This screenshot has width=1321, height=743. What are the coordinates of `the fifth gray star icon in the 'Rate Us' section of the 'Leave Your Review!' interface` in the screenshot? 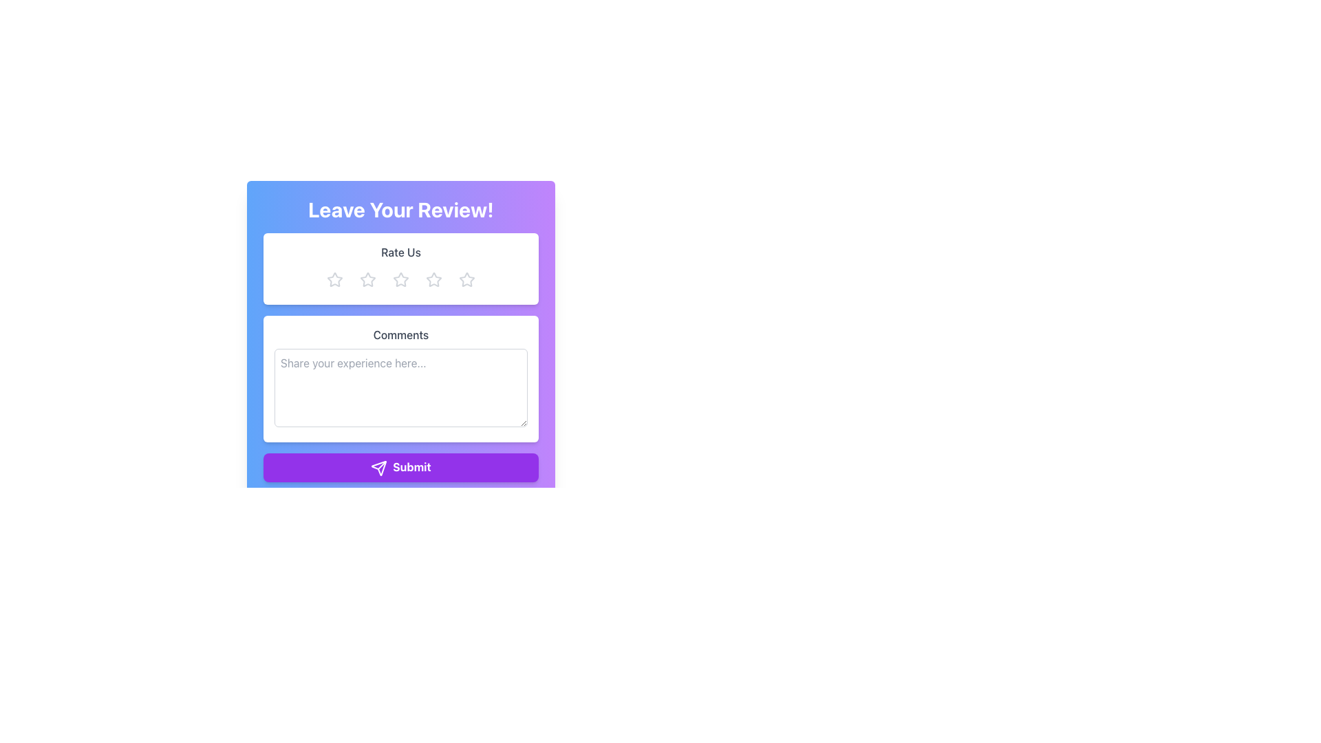 It's located at (466, 279).